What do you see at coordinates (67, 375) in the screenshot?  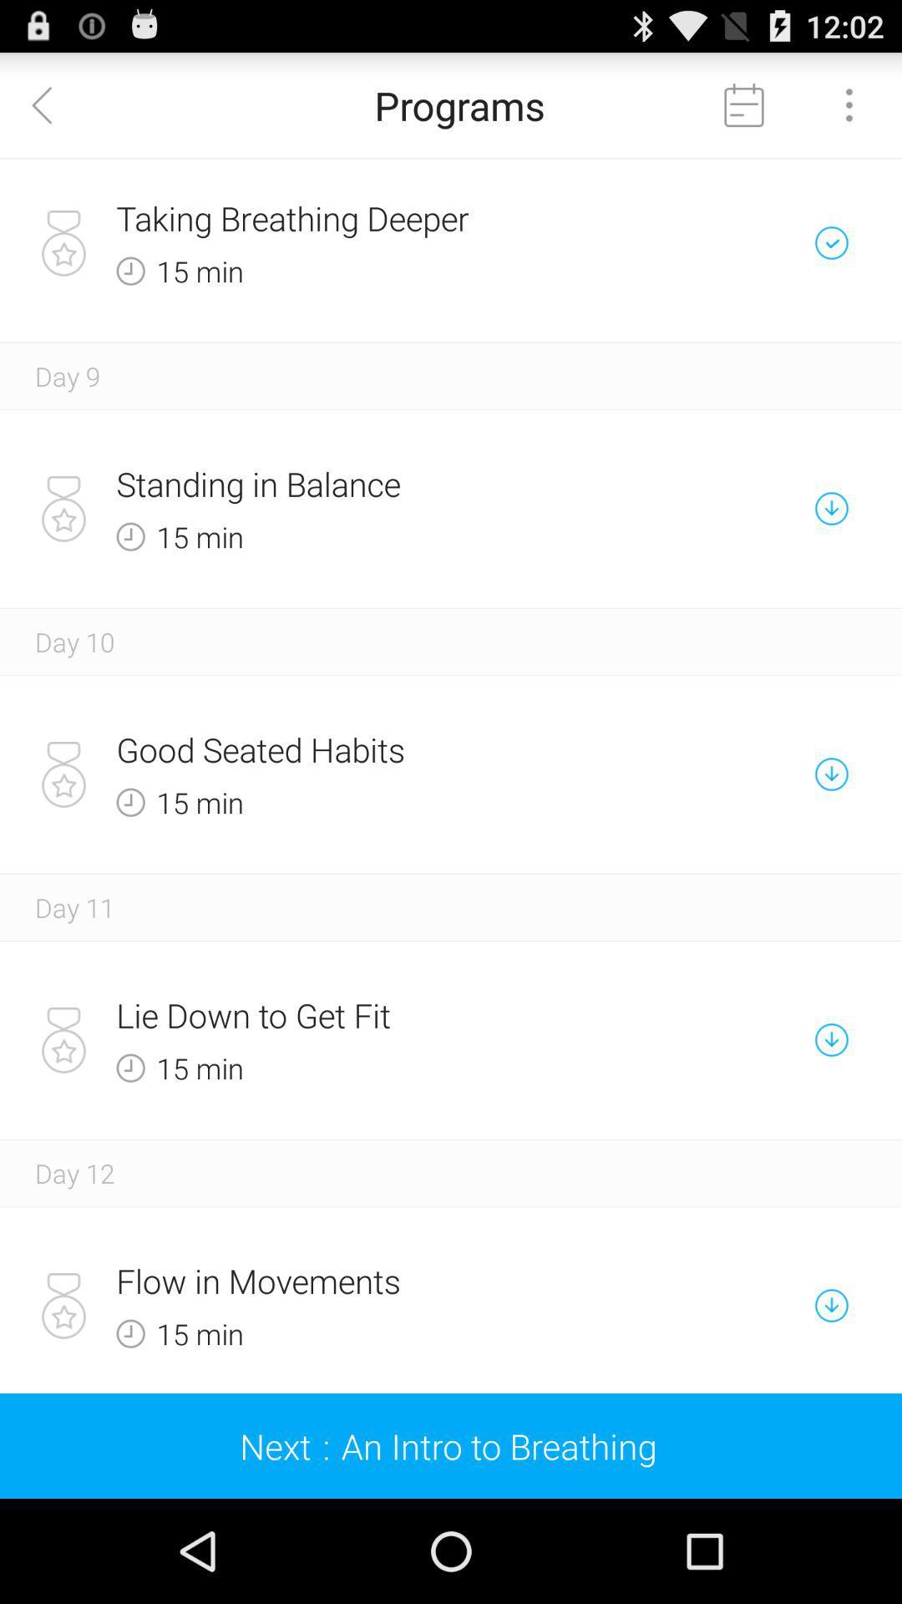 I see `the day 9 item` at bounding box center [67, 375].